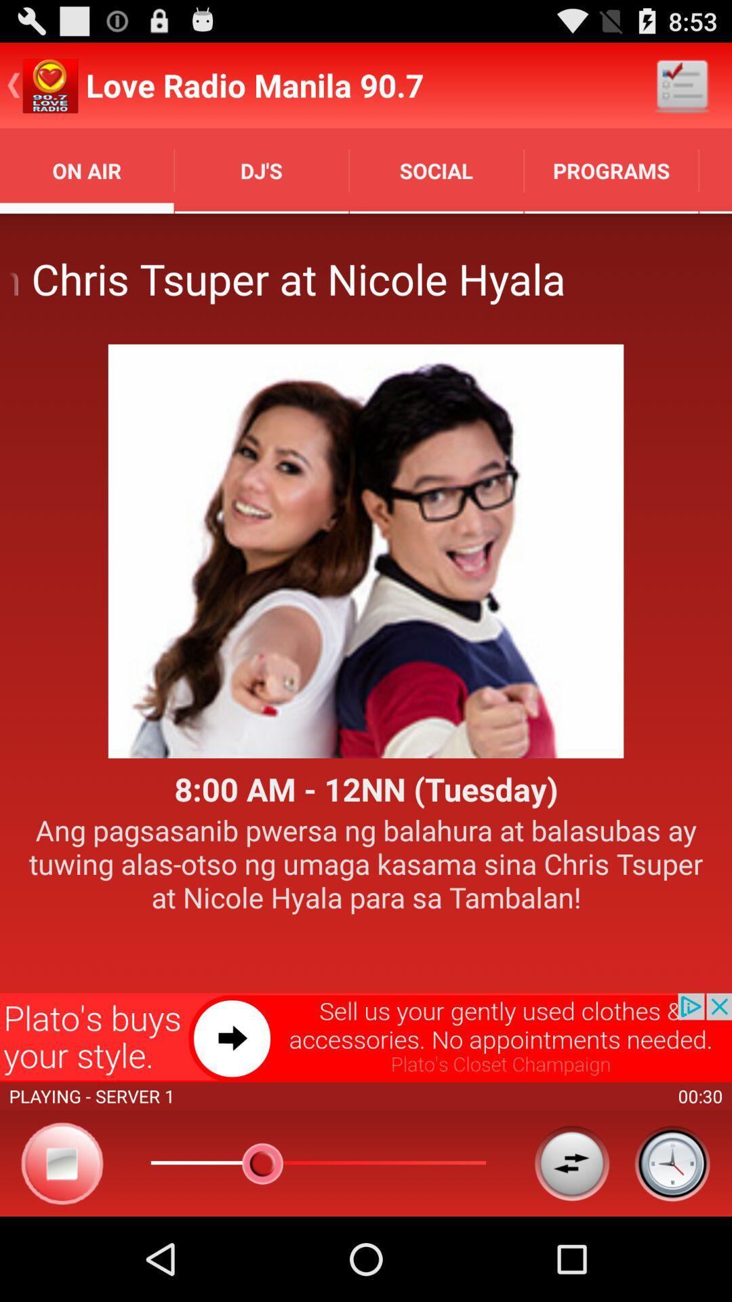 This screenshot has width=732, height=1302. Describe the element at coordinates (571, 1162) in the screenshot. I see `choose option` at that location.